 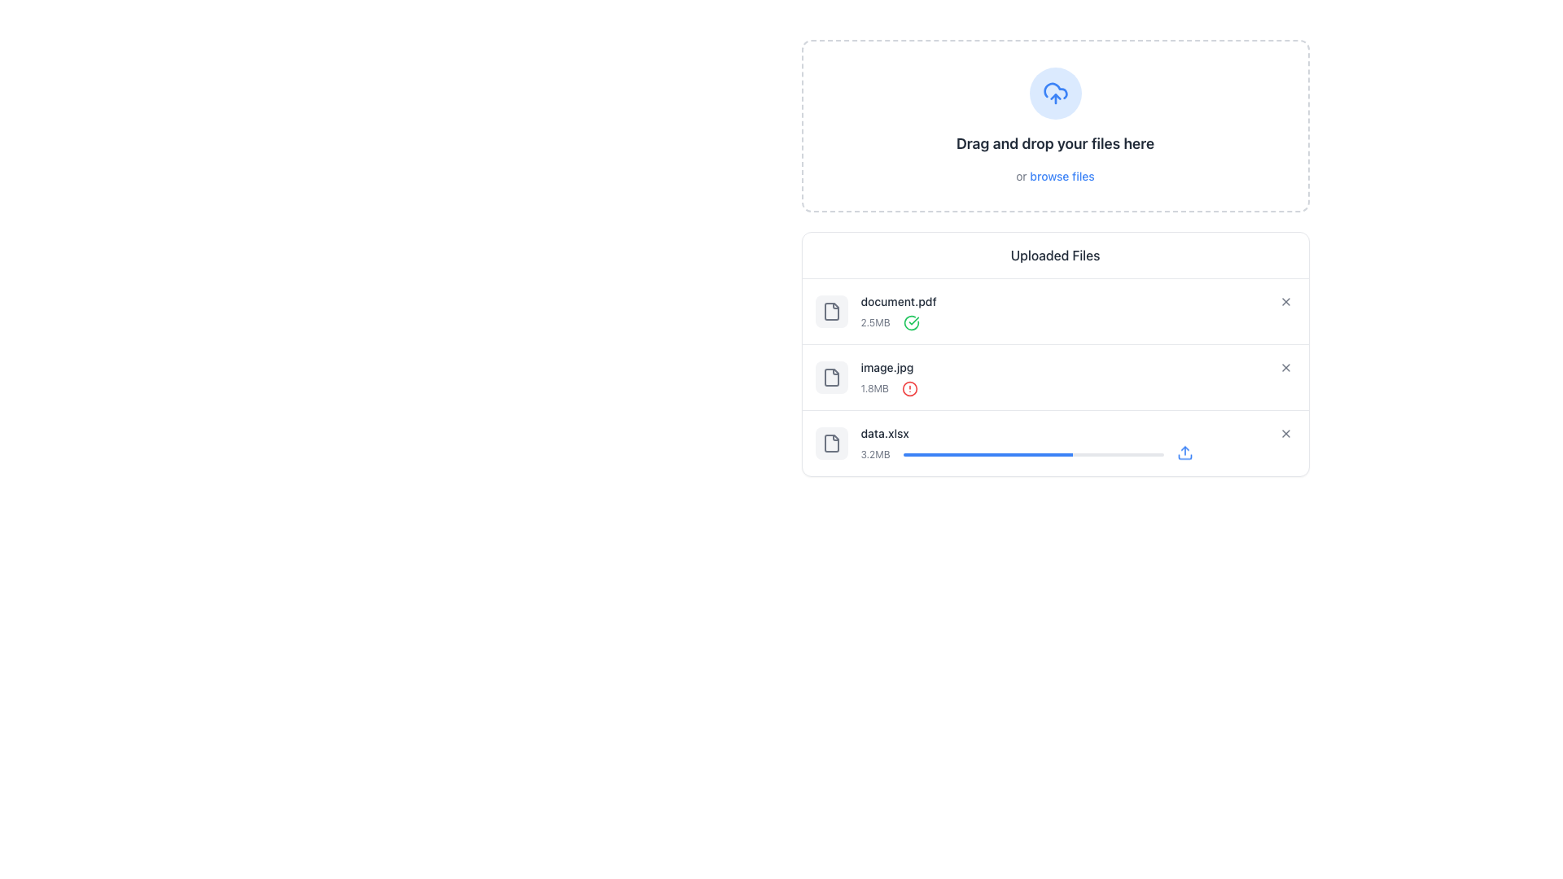 What do you see at coordinates (1184, 452) in the screenshot?
I see `the upload icon located to the far right of the row containing details about the file named 'data.xlsx', next to the progress bar` at bounding box center [1184, 452].